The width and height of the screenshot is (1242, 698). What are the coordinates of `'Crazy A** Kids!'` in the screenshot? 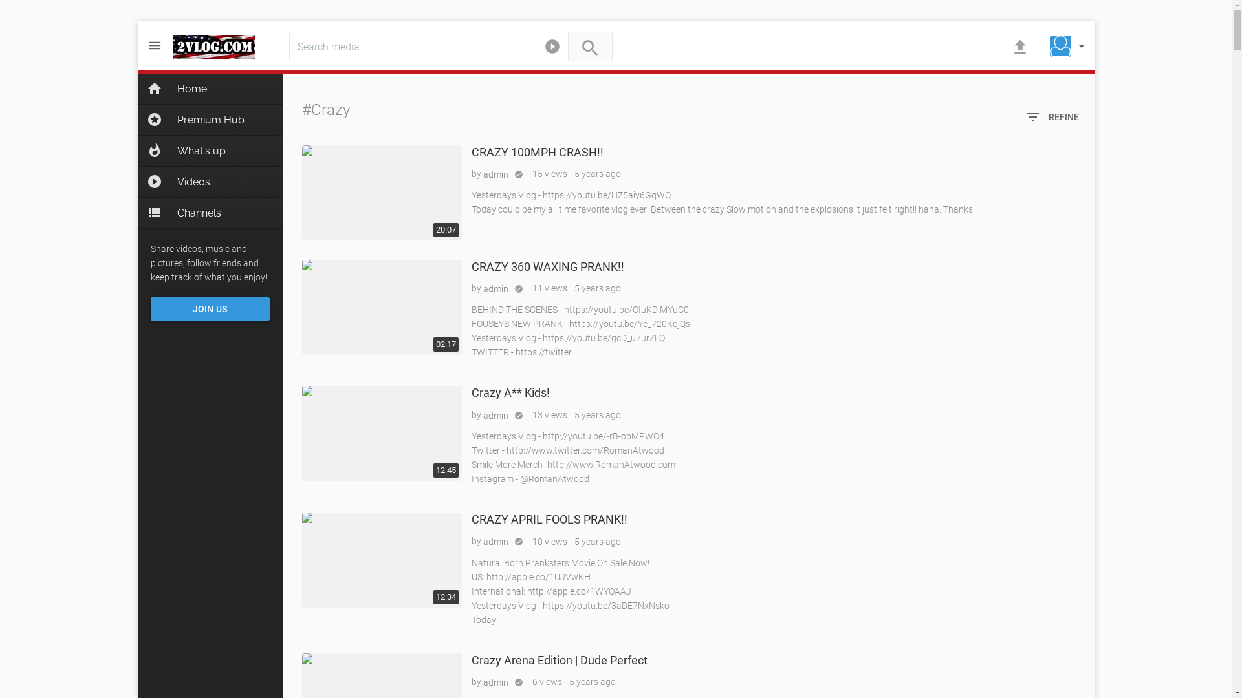 It's located at (380, 433).